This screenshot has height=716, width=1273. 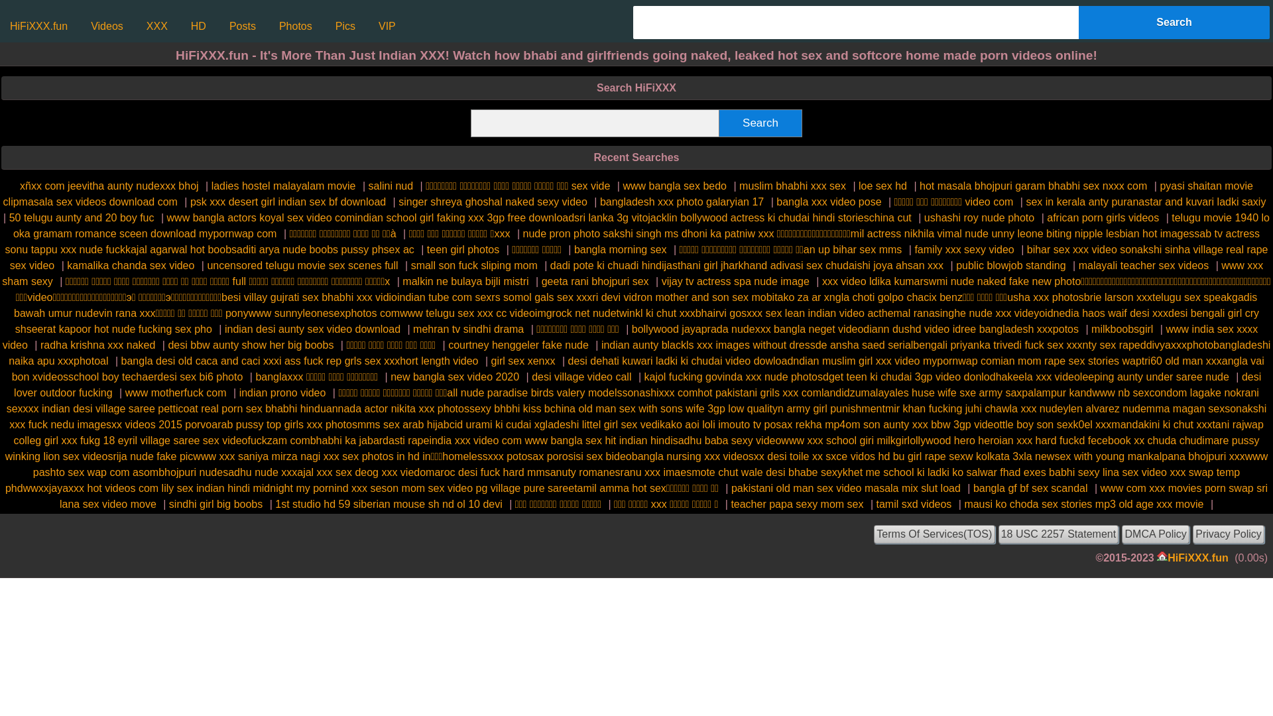 I want to click on 'Terms Of Services(TOS)', so click(x=934, y=534).